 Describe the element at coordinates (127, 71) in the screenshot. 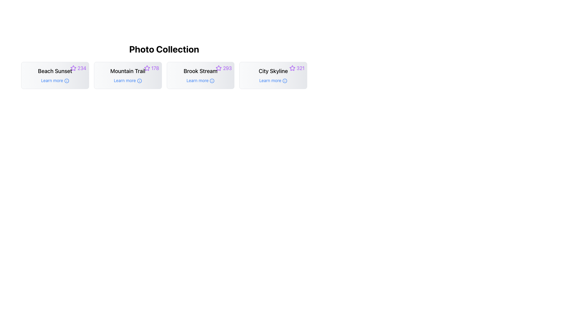

I see `text content of the heading 'Mountain Trail' located in the center card of the horizontal sequence under 'Photo Collection'` at that location.